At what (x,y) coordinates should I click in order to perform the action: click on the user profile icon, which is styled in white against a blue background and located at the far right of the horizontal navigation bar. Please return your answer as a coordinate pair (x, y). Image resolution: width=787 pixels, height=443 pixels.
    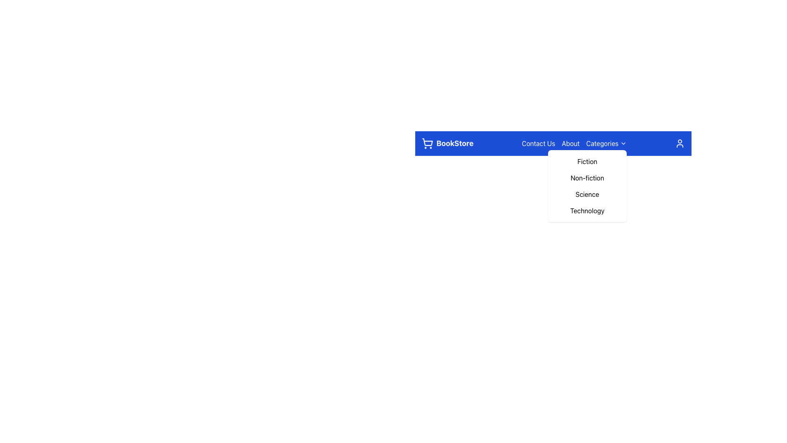
    Looking at the image, I should click on (680, 143).